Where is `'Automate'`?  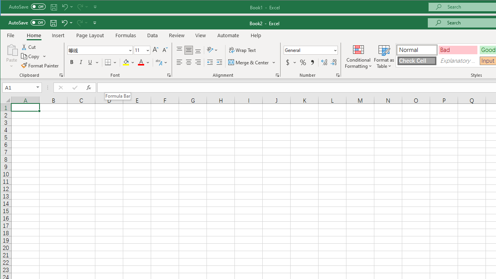
'Automate' is located at coordinates (228, 35).